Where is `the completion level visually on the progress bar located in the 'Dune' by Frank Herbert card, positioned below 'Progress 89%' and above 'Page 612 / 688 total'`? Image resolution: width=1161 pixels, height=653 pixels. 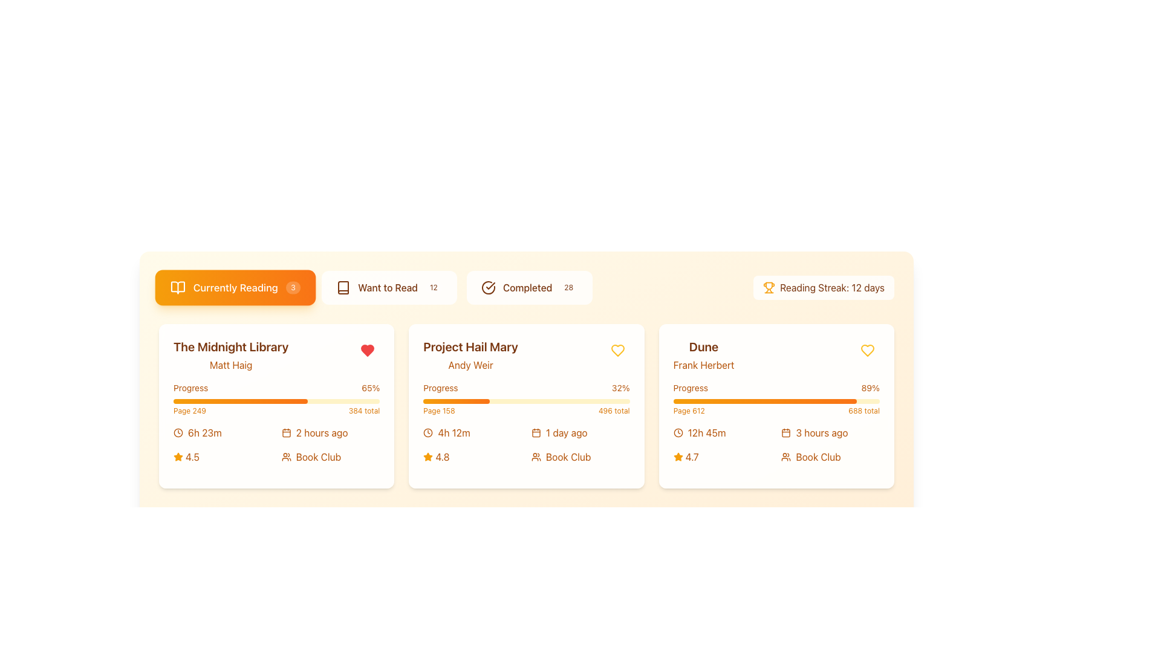 the completion level visually on the progress bar located in the 'Dune' by Frank Herbert card, positioned below 'Progress 89%' and above 'Page 612 / 688 total' is located at coordinates (776, 401).